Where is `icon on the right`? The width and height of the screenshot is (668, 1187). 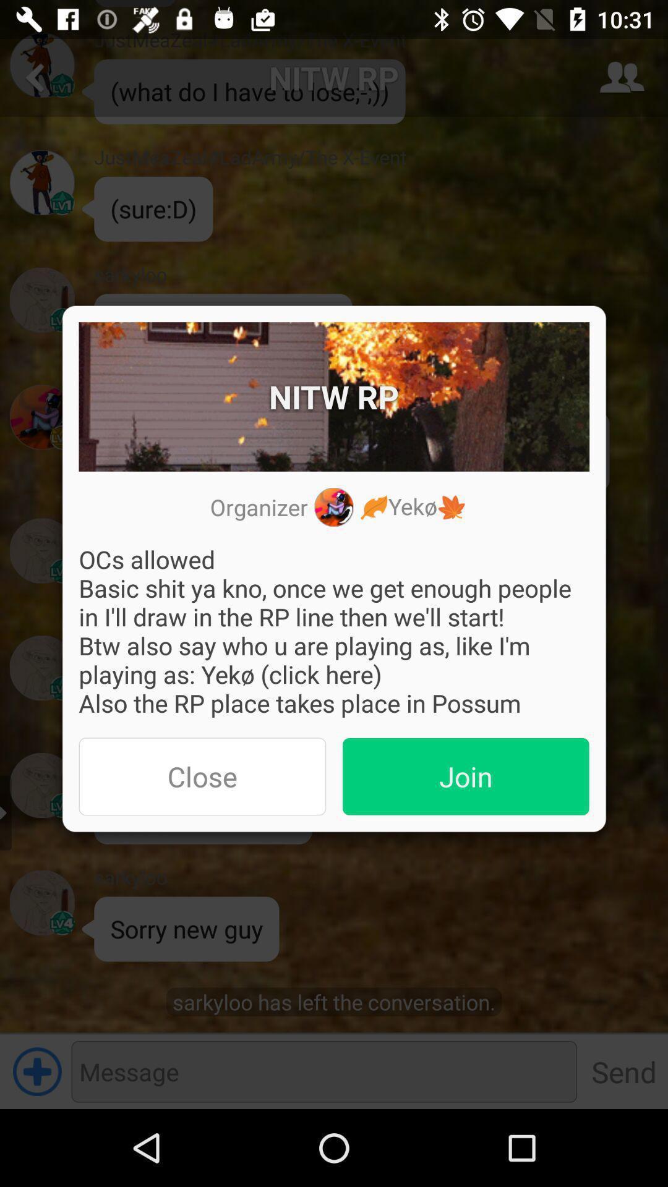 icon on the right is located at coordinates (466, 776).